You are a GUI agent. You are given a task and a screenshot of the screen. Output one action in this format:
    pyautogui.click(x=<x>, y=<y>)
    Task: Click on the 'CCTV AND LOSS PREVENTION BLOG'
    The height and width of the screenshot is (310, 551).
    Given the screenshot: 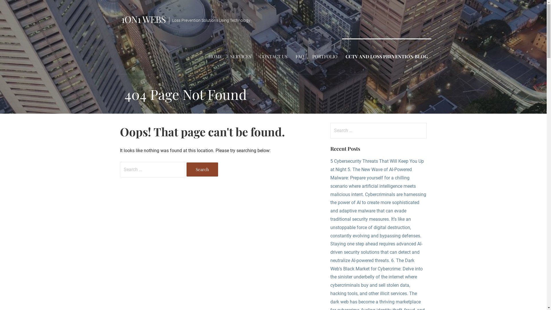 What is the action you would take?
    pyautogui.click(x=387, y=56)
    